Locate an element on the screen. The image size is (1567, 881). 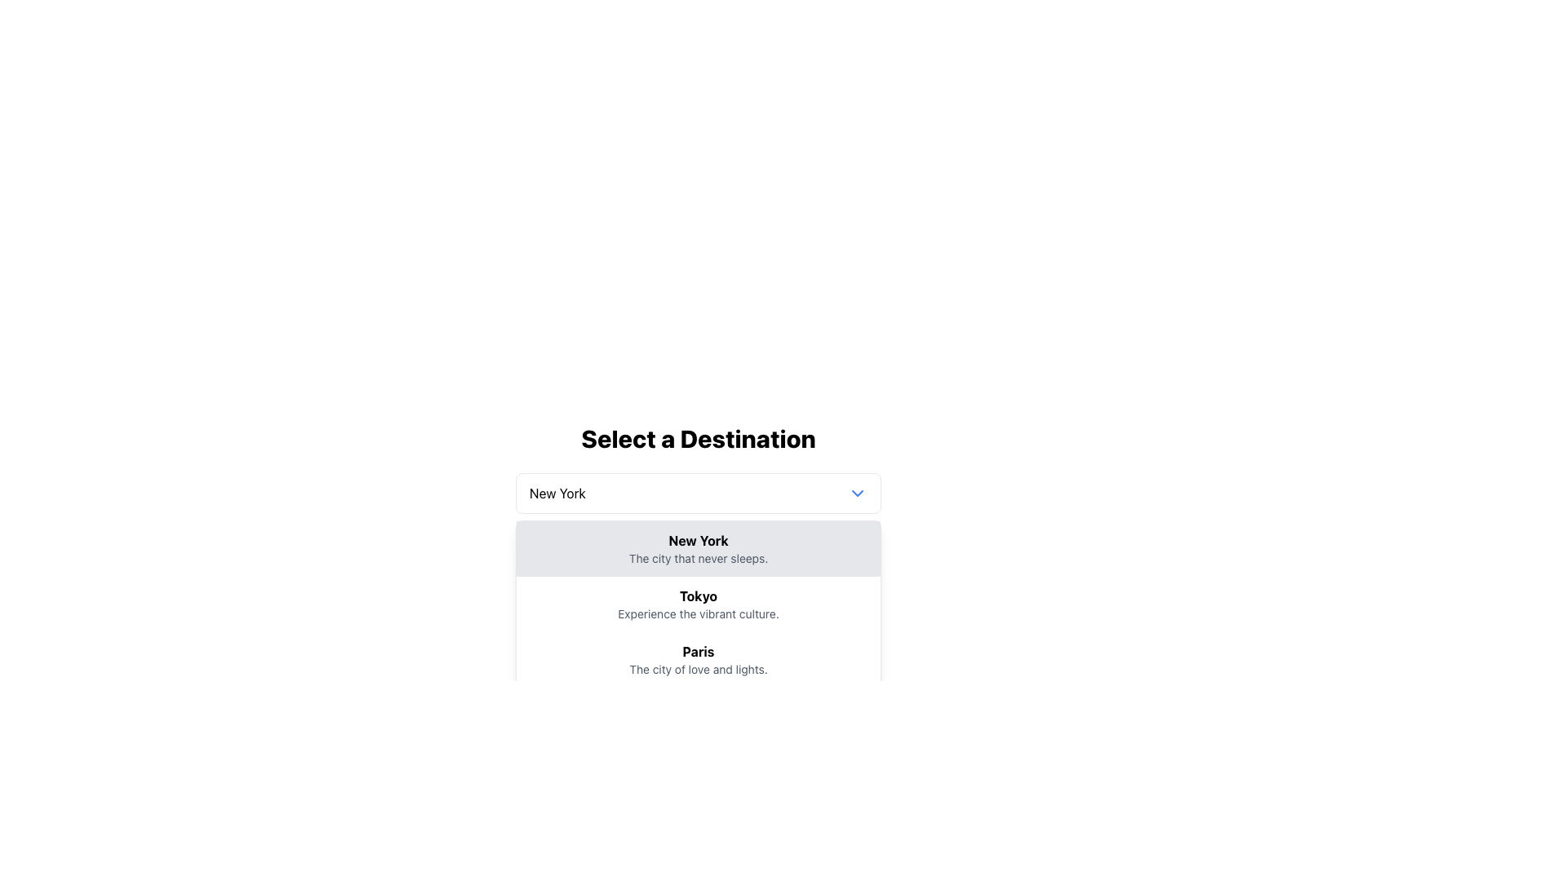
the blue chevron-shaped dropdown indicator icon to the right of the text 'New York' is located at coordinates (857, 493).